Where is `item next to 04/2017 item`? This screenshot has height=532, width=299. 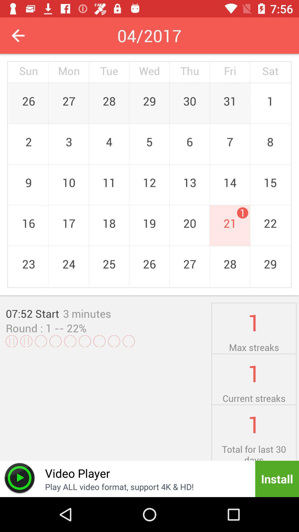 item next to 04/2017 item is located at coordinates (18, 35).